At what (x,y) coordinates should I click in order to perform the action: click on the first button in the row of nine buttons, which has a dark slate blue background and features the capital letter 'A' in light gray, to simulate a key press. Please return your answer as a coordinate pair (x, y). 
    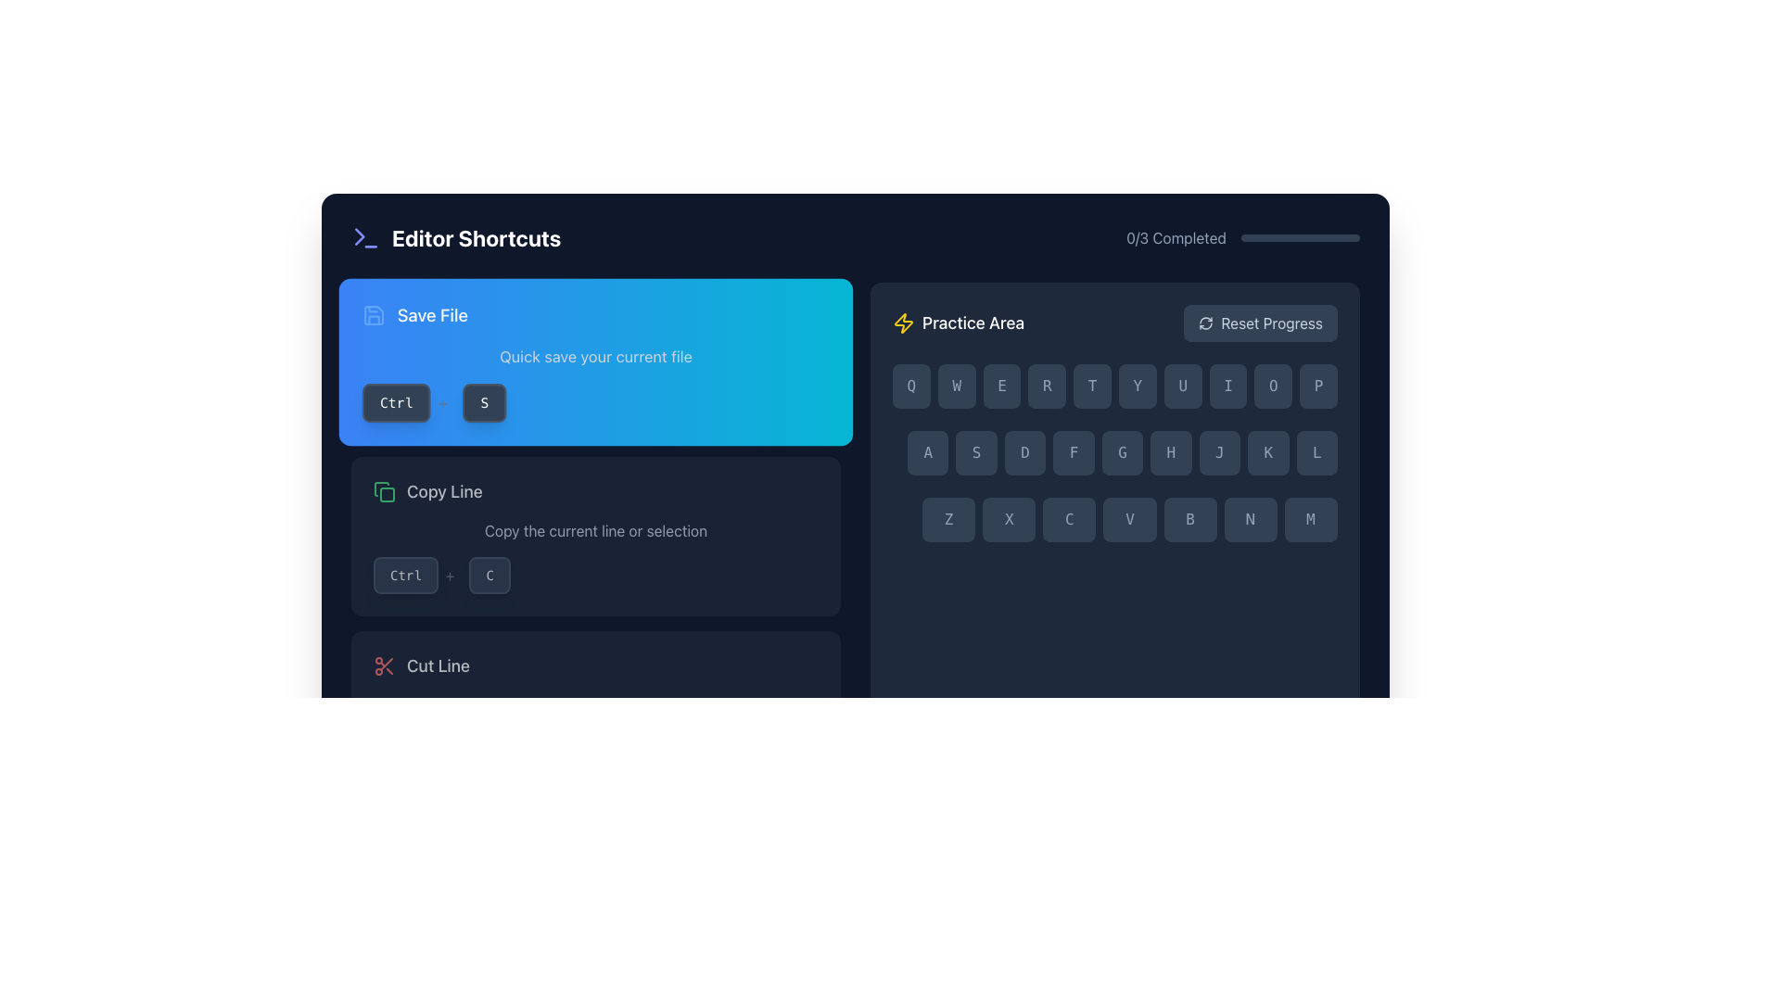
    Looking at the image, I should click on (928, 453).